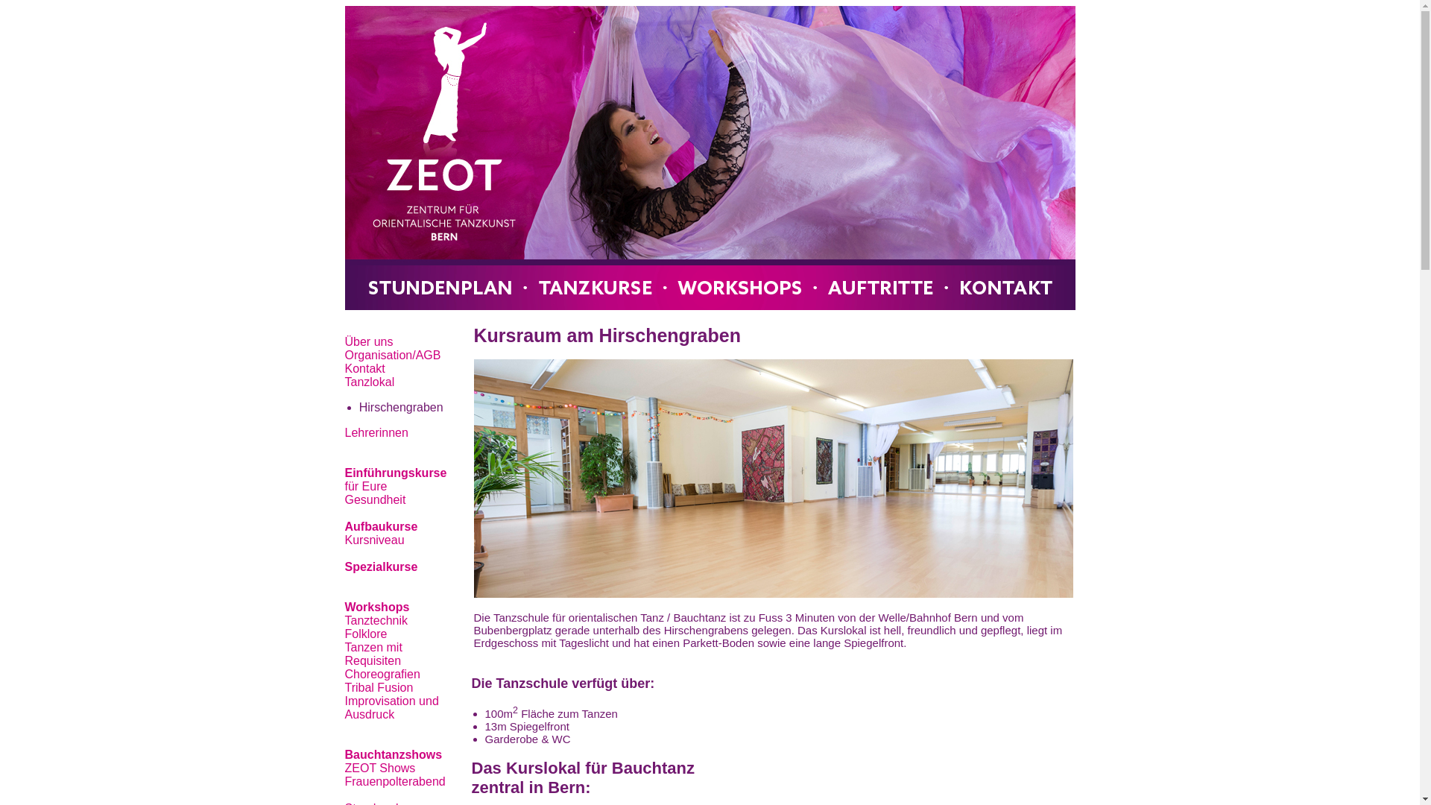 The width and height of the screenshot is (1431, 805). What do you see at coordinates (380, 566) in the screenshot?
I see `'Spezialkurse'` at bounding box center [380, 566].